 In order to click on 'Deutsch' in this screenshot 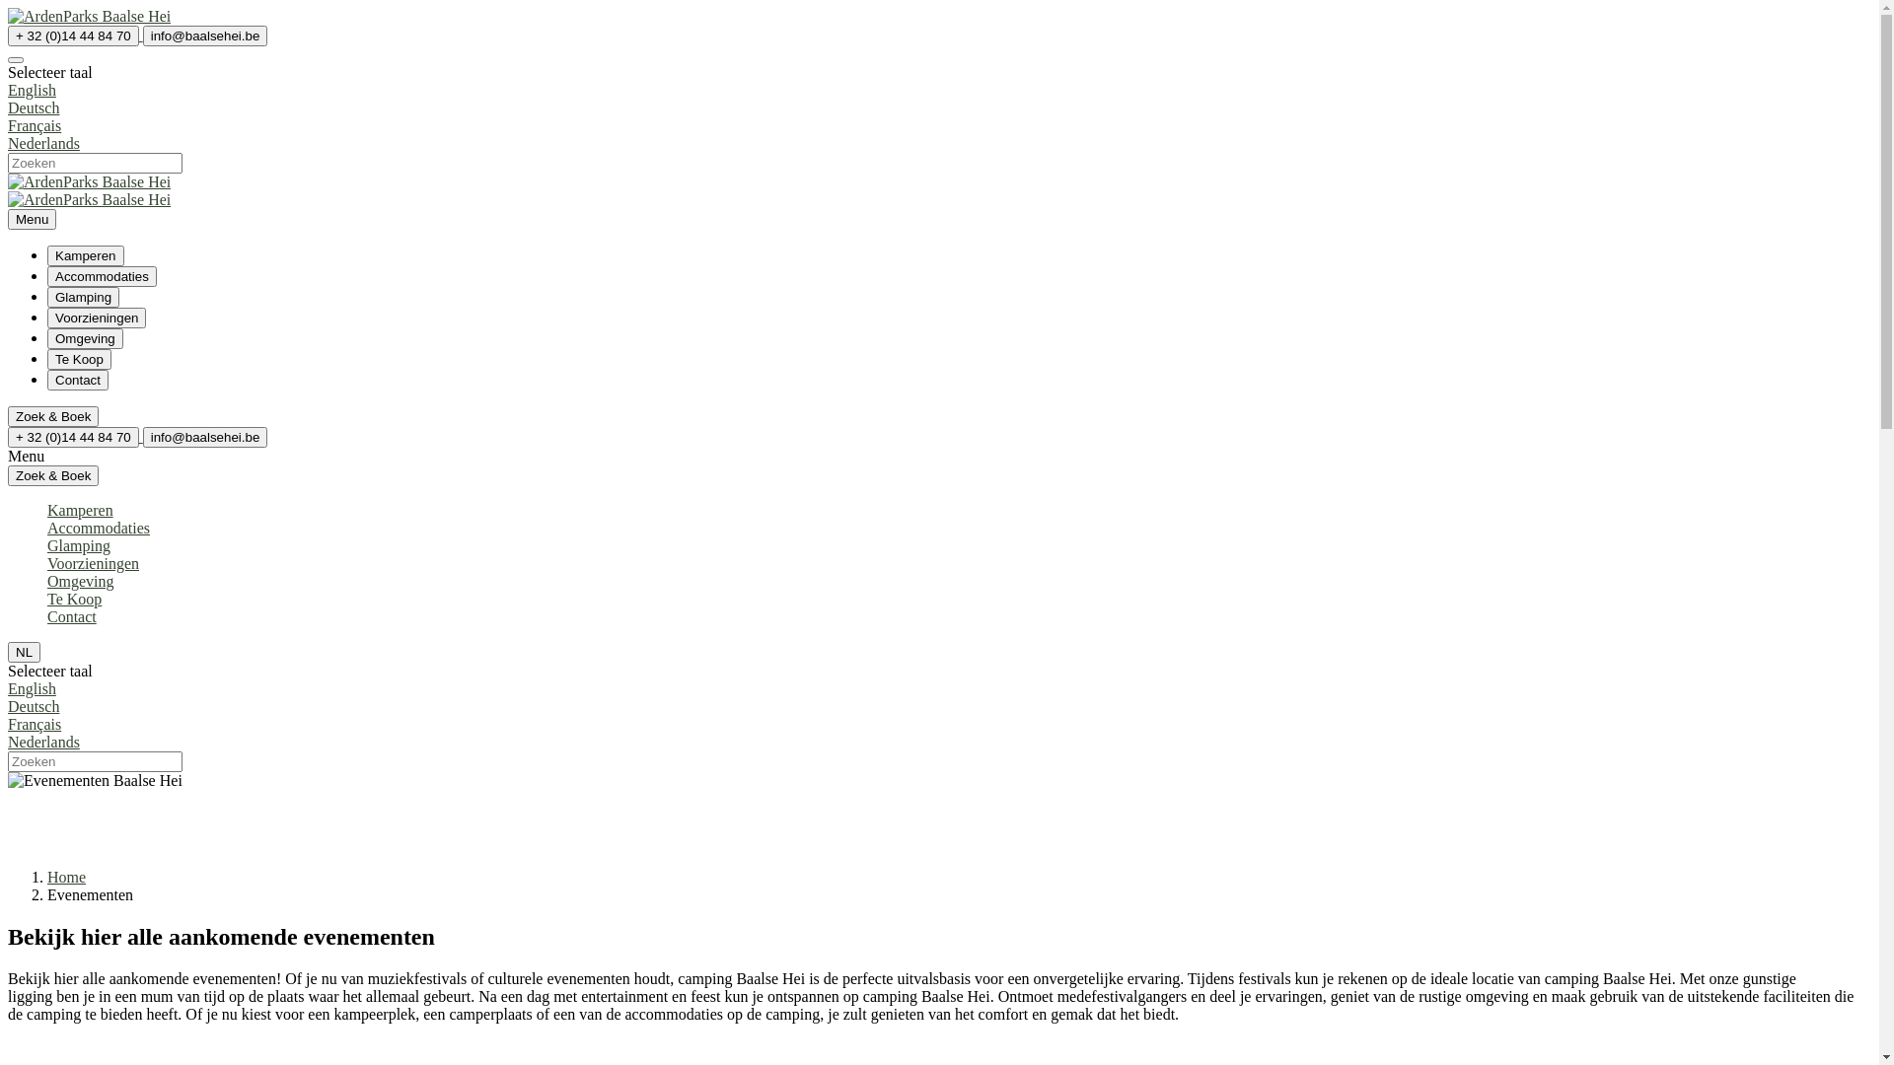, I will do `click(938, 116)`.